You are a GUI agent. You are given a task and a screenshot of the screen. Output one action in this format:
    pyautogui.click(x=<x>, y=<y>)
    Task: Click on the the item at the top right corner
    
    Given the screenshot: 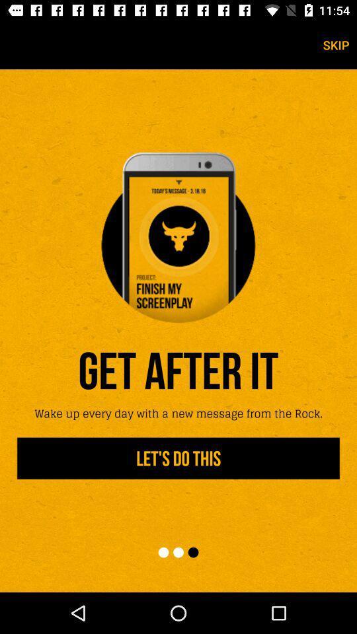 What is the action you would take?
    pyautogui.click(x=336, y=45)
    